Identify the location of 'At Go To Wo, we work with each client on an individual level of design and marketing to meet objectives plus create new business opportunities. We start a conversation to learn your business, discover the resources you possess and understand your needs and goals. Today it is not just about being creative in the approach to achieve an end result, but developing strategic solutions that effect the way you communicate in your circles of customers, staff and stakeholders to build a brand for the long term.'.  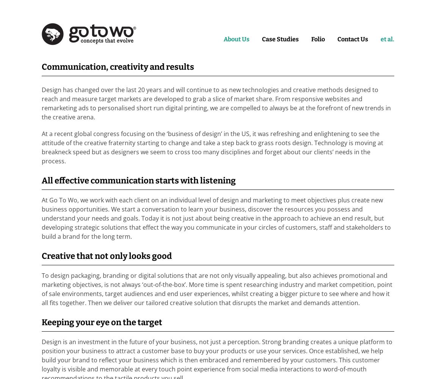
(216, 218).